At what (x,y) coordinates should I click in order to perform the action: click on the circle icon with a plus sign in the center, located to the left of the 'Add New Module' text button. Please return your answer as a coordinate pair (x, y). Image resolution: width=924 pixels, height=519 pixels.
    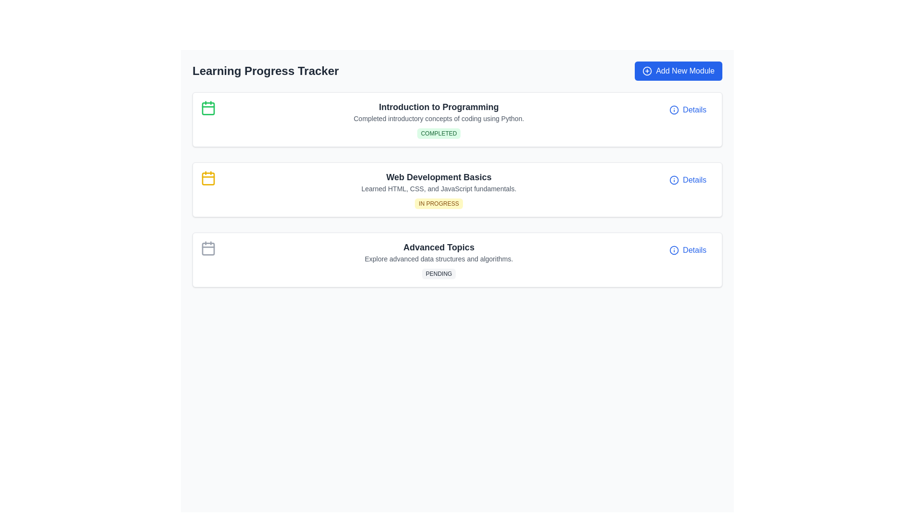
    Looking at the image, I should click on (647, 70).